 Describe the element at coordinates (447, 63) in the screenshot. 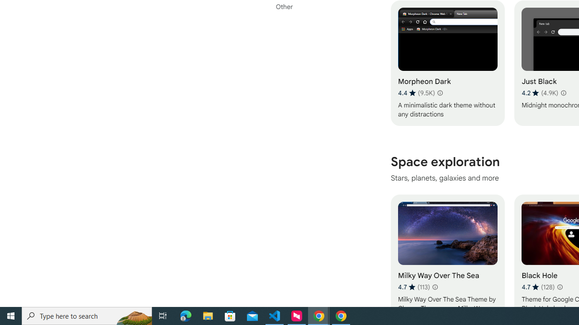

I see `'Morpheon Dark'` at that location.